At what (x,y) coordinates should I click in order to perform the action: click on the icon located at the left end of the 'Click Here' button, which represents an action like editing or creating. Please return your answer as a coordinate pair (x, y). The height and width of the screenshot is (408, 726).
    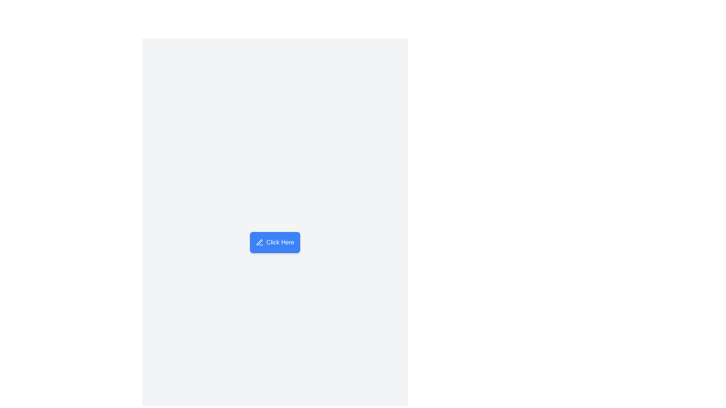
    Looking at the image, I should click on (259, 242).